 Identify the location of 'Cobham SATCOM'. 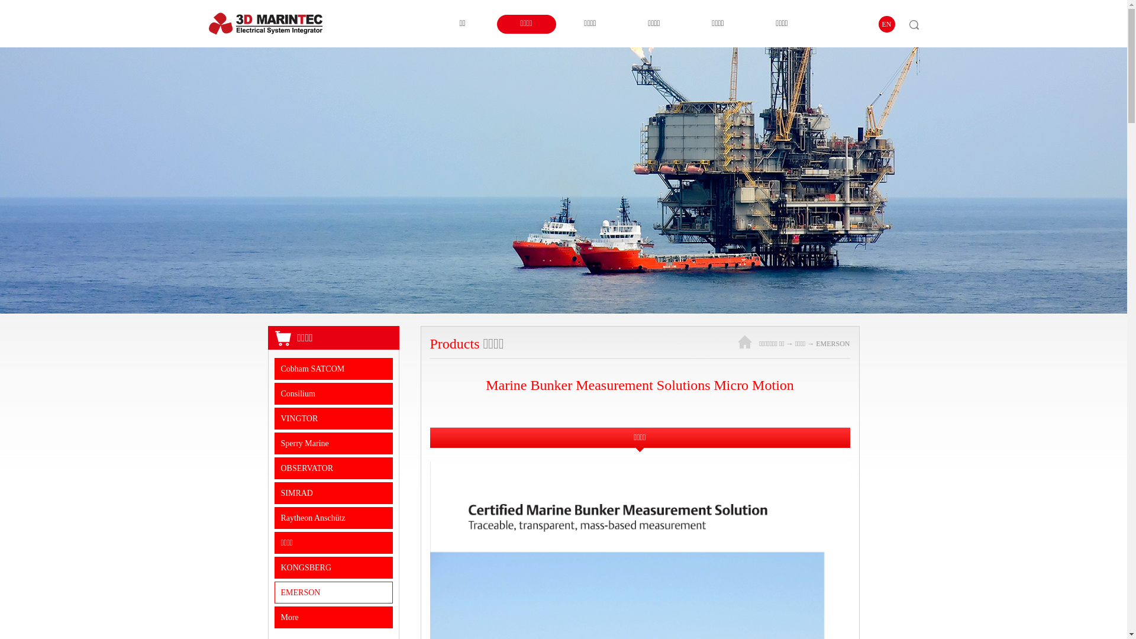
(333, 368).